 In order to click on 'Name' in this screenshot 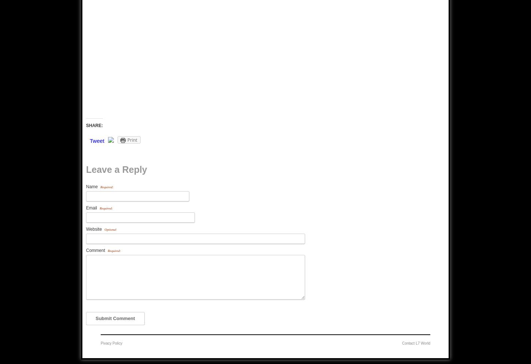, I will do `click(92, 187)`.